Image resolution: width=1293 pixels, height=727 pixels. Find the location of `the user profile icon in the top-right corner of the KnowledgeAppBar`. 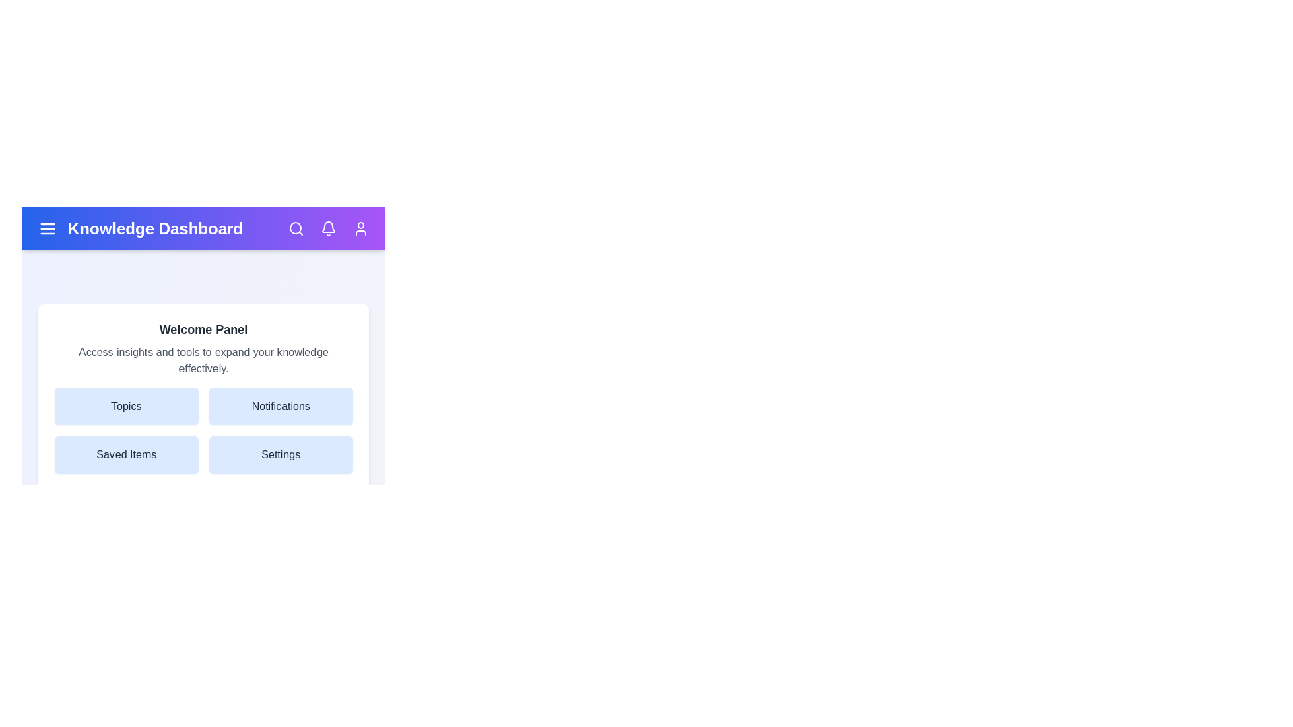

the user profile icon in the top-right corner of the KnowledgeAppBar is located at coordinates (361, 228).